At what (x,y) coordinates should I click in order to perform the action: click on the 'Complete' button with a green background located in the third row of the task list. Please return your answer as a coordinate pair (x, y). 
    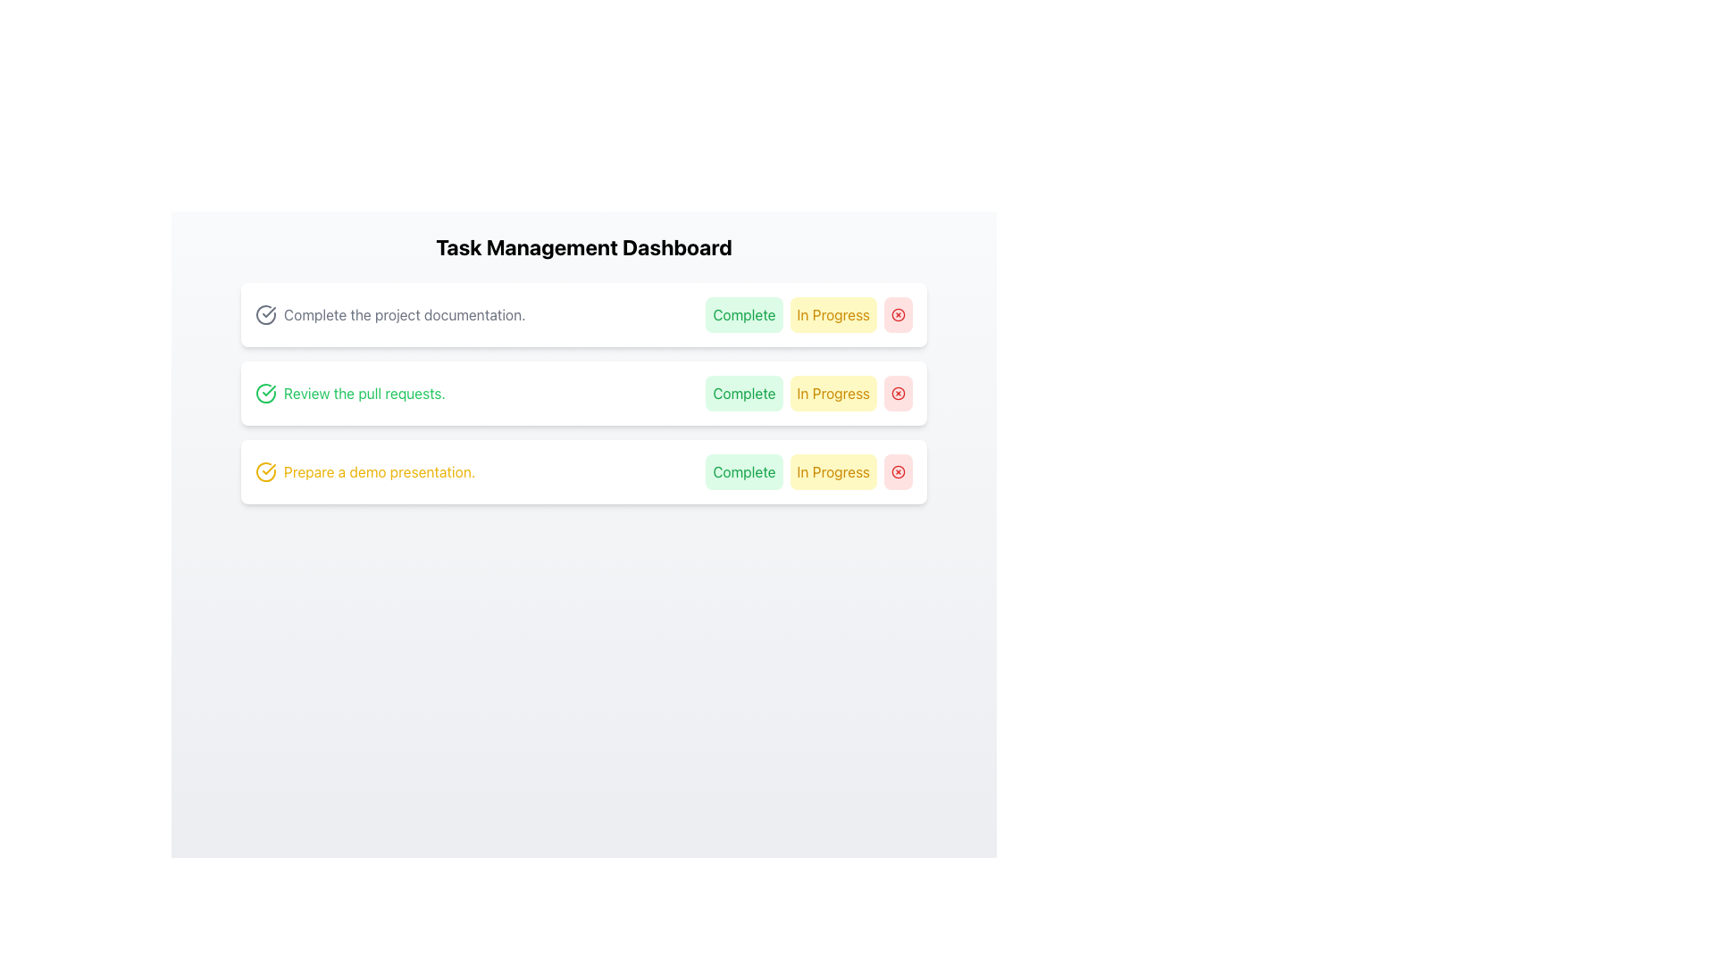
    Looking at the image, I should click on (744, 470).